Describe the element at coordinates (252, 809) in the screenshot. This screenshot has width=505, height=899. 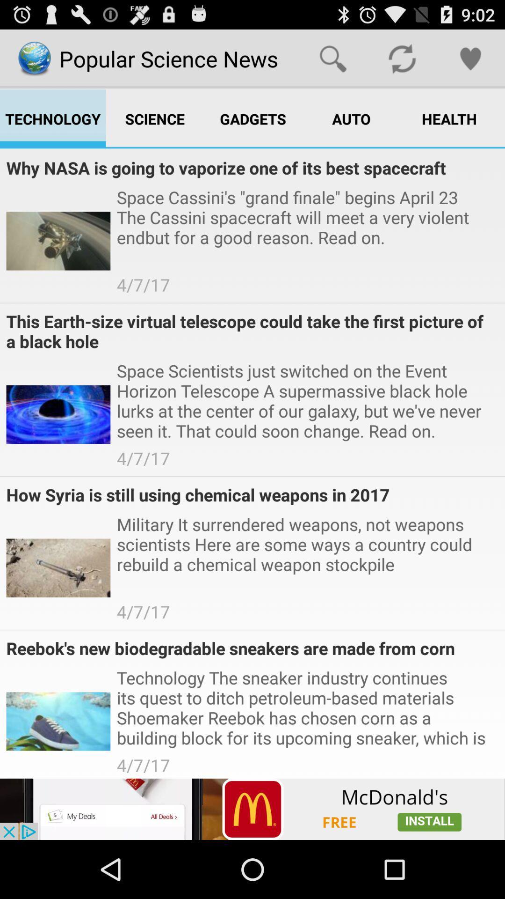
I see `view advertisement` at that location.